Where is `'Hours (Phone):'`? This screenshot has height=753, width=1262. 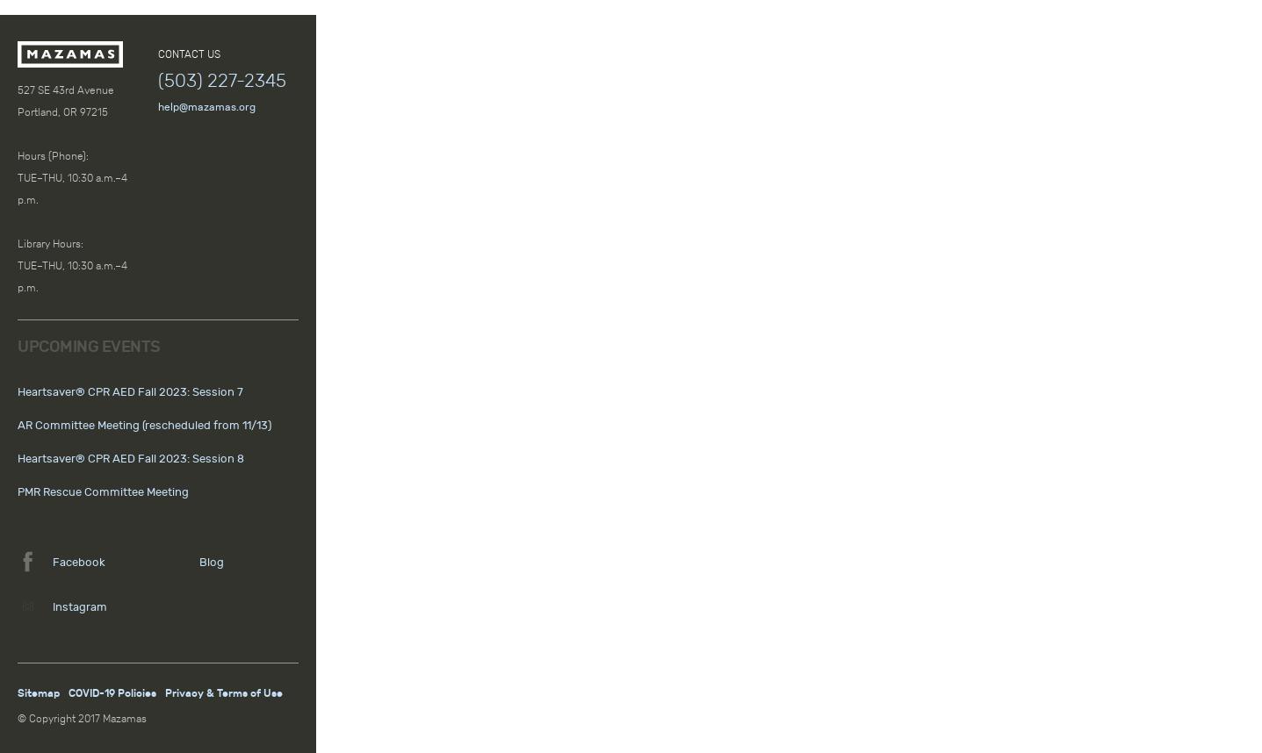 'Hours (Phone):' is located at coordinates (52, 155).